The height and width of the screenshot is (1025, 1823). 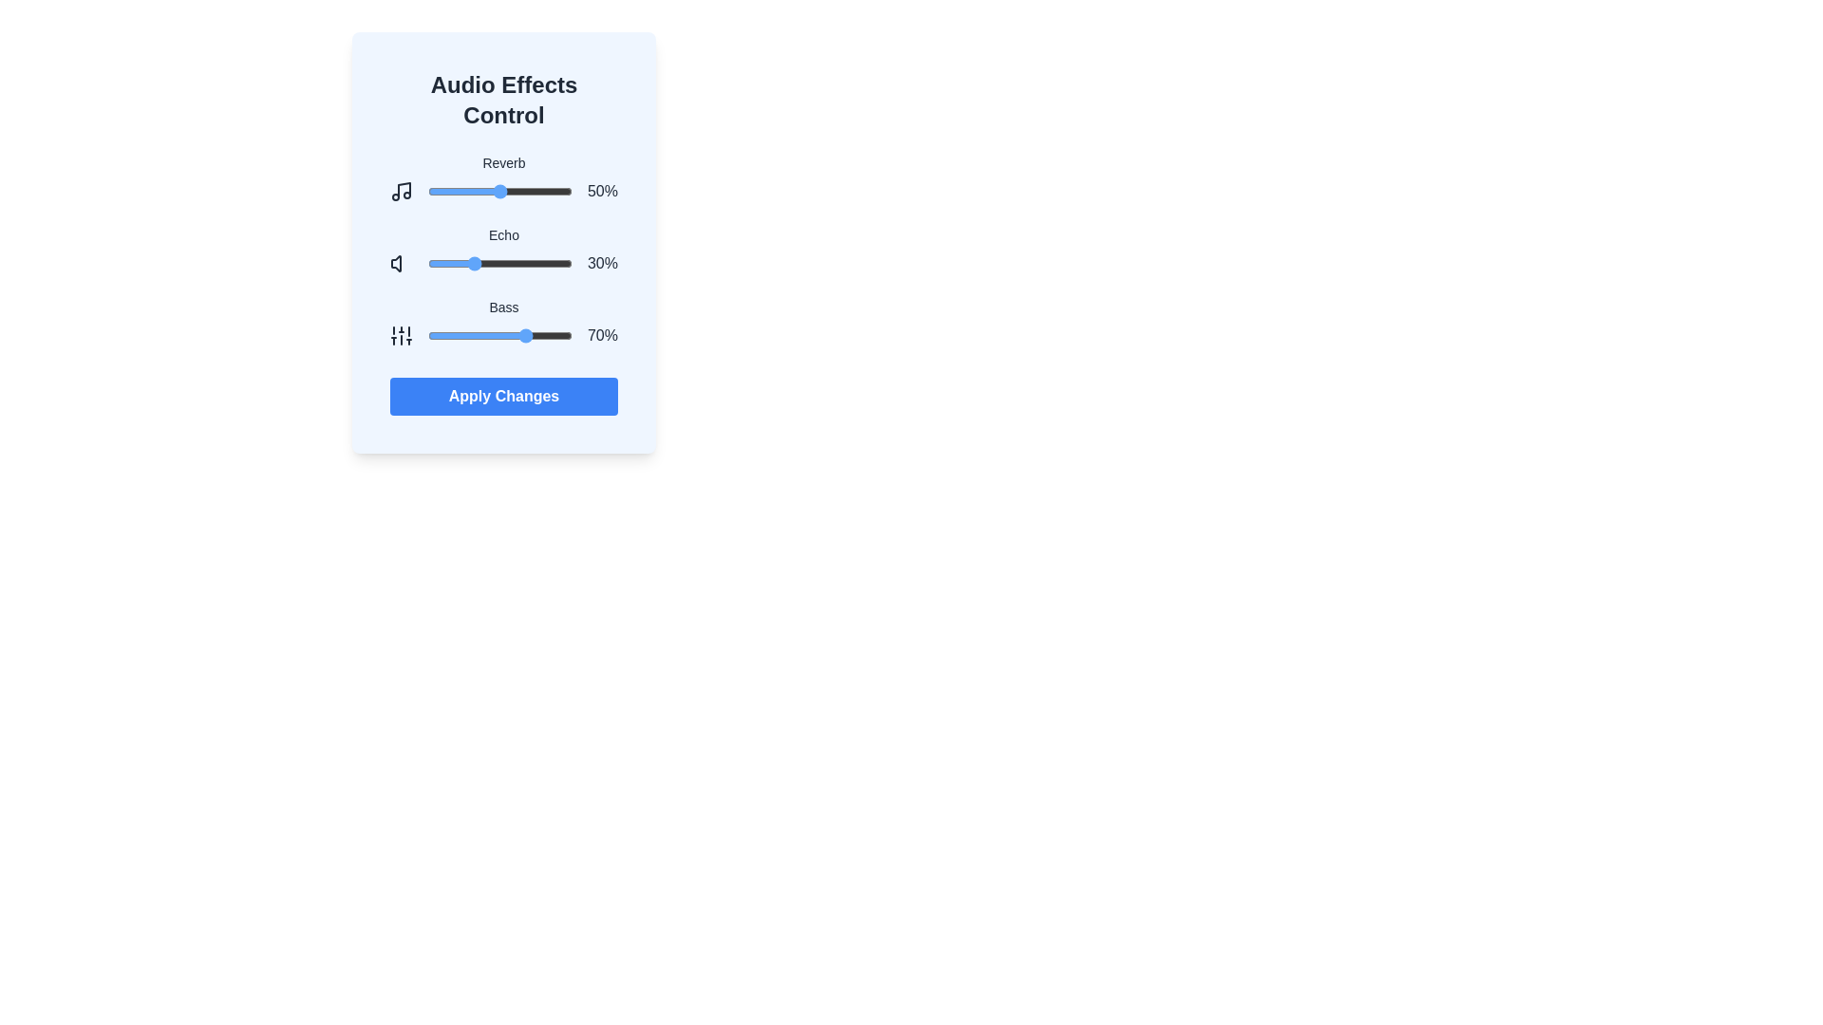 What do you see at coordinates (527, 263) in the screenshot?
I see `the Echo level` at bounding box center [527, 263].